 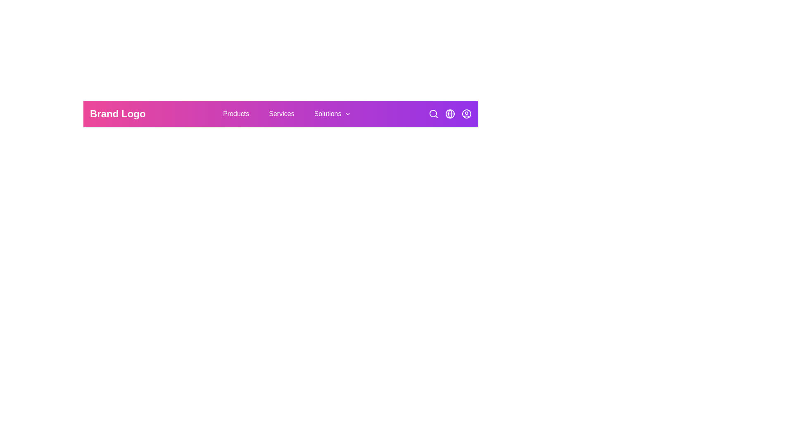 I want to click on the navigation button labeled Solutions, so click(x=332, y=114).